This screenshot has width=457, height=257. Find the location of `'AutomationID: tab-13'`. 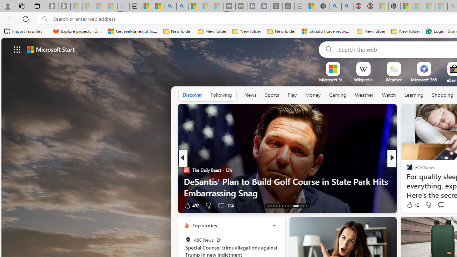

'AutomationID: tab-13' is located at coordinates (267, 206).